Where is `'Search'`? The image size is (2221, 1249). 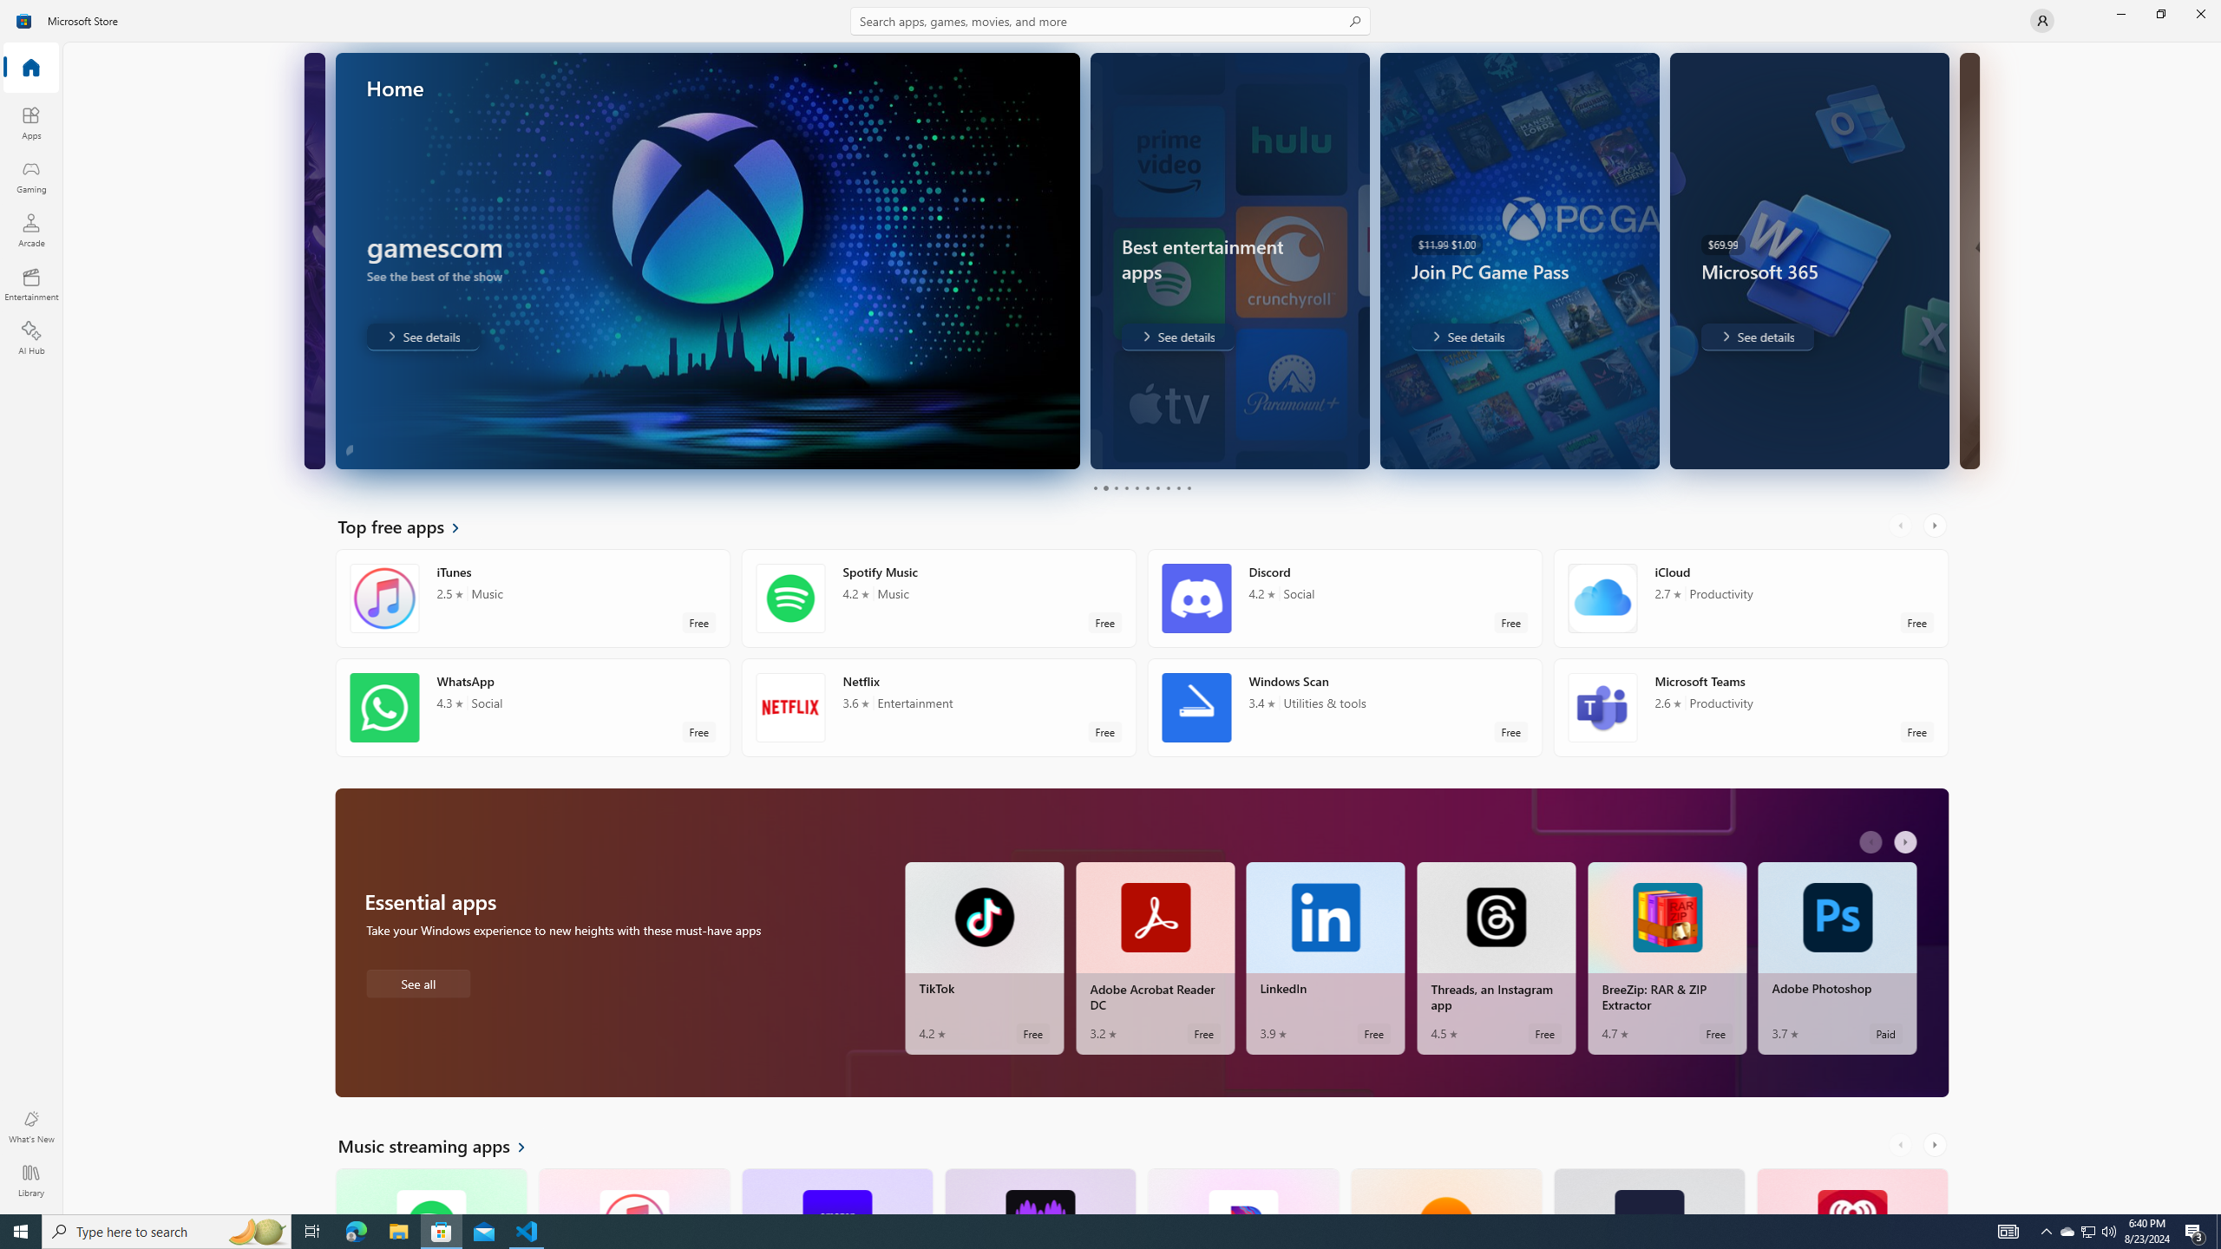 'Search' is located at coordinates (1110, 20).